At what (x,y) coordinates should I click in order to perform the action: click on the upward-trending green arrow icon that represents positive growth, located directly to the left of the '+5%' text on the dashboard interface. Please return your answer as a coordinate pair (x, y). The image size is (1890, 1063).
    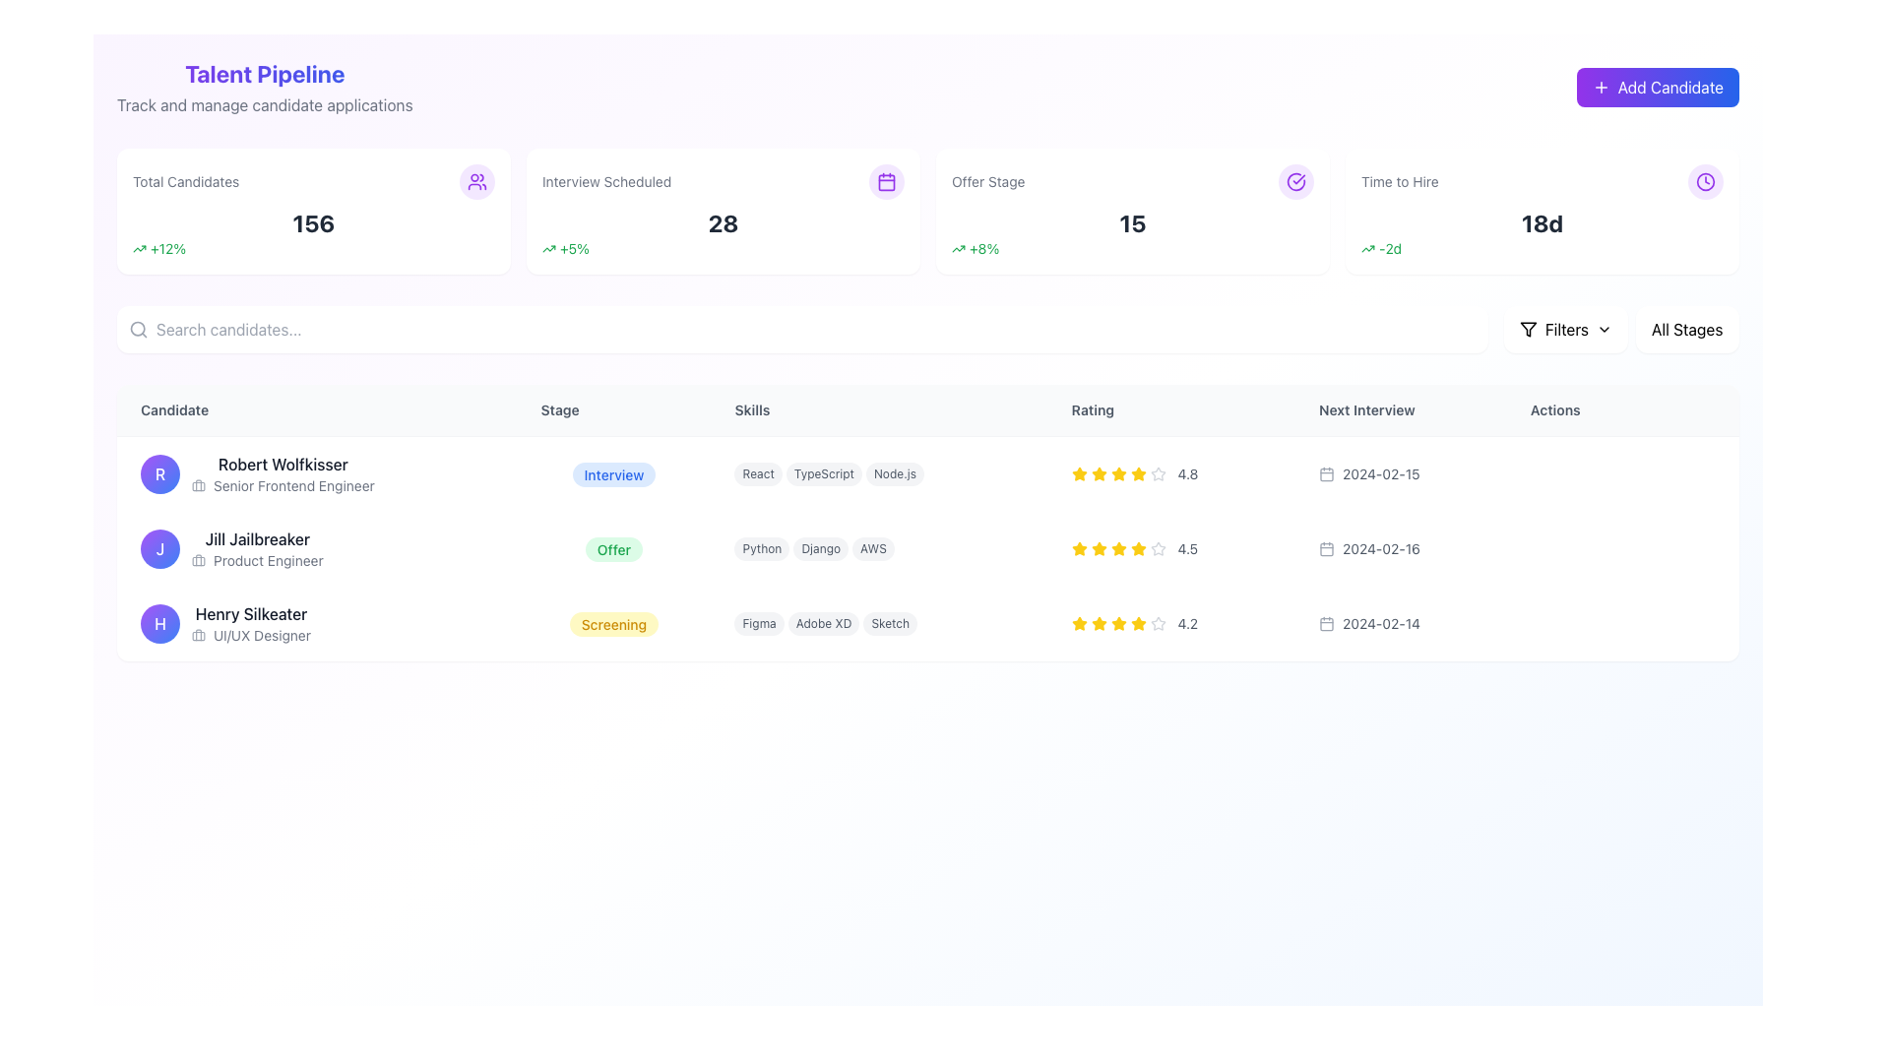
    Looking at the image, I should click on (548, 248).